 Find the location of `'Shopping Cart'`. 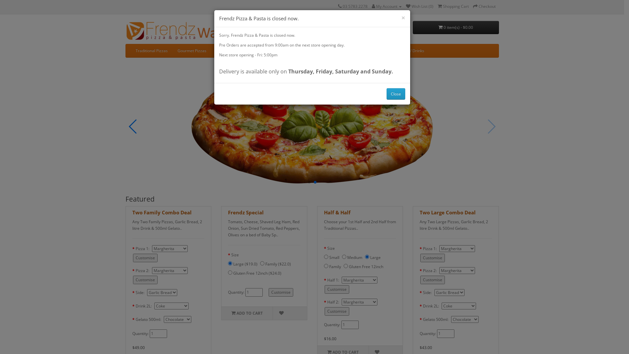

'Shopping Cart' is located at coordinates (453, 6).